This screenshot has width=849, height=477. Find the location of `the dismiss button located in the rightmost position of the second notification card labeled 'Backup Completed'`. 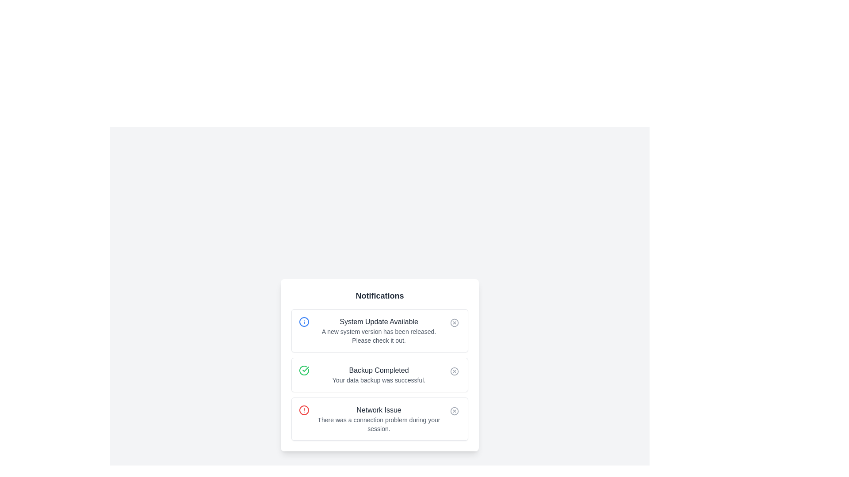

the dismiss button located in the rightmost position of the second notification card labeled 'Backup Completed' is located at coordinates (454, 371).